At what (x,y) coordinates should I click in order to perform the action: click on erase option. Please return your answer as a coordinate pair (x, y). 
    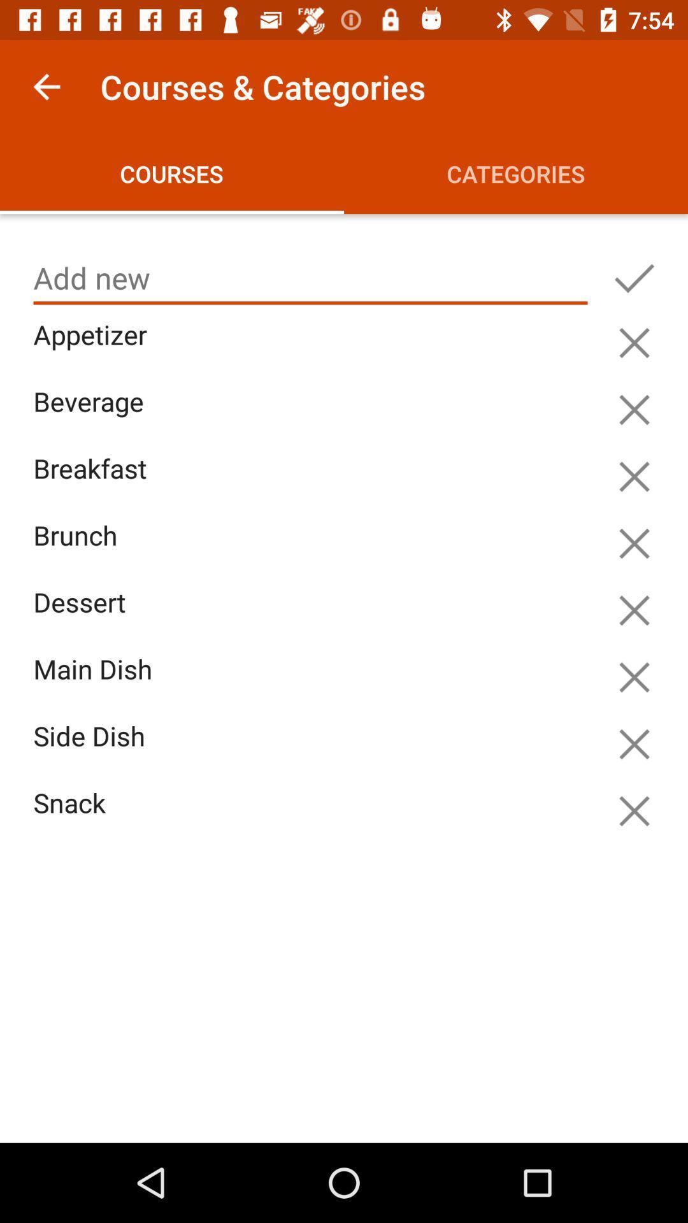
    Looking at the image, I should click on (634, 810).